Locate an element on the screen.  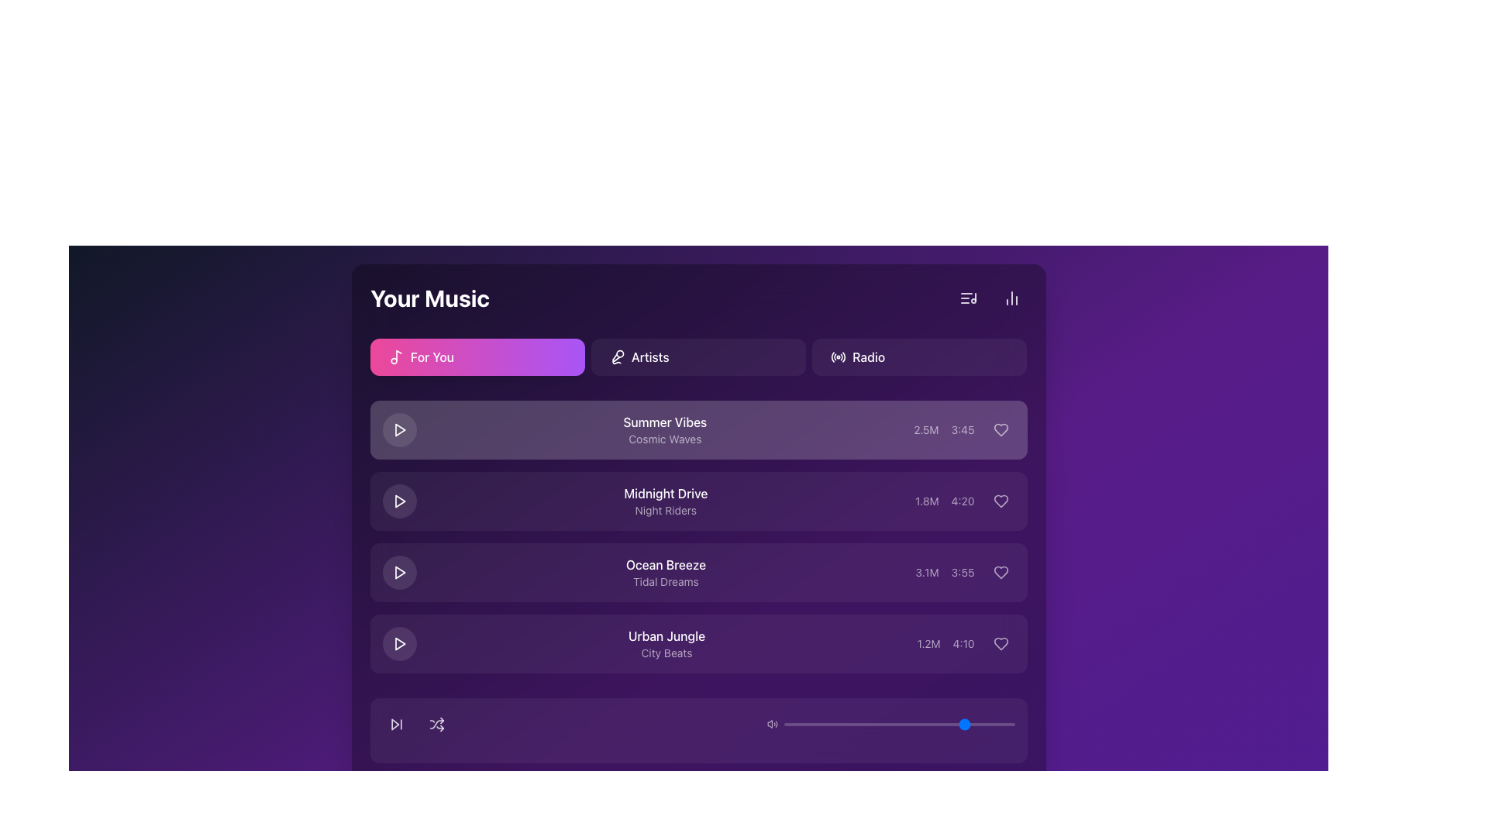
the circular shuffle button located near the bottom of the interface is located at coordinates (436, 724).